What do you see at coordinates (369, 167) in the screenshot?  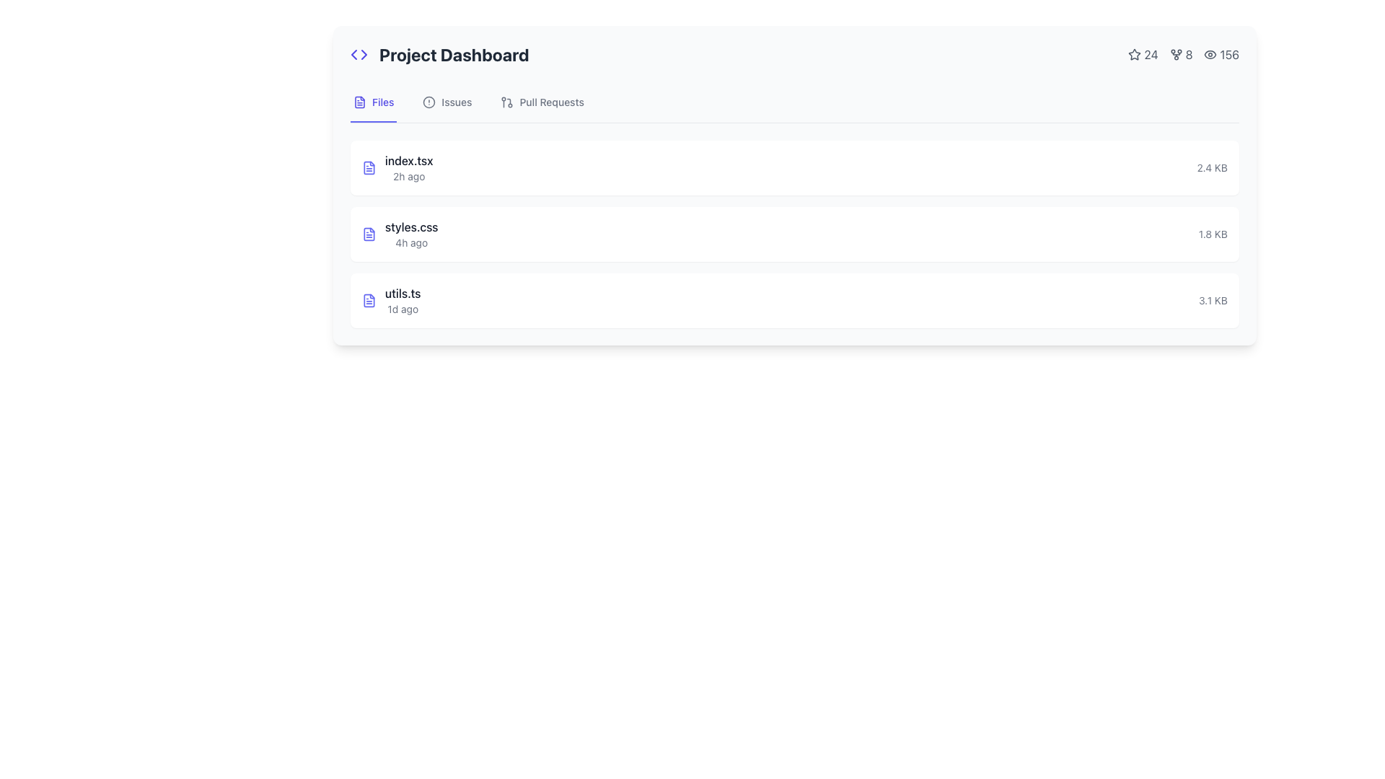 I see `the small file icon representing a text document, which has an indigo outline and a folded corner, located beside the file name 'index.tsx' and the timestamp '2h ago'` at bounding box center [369, 167].